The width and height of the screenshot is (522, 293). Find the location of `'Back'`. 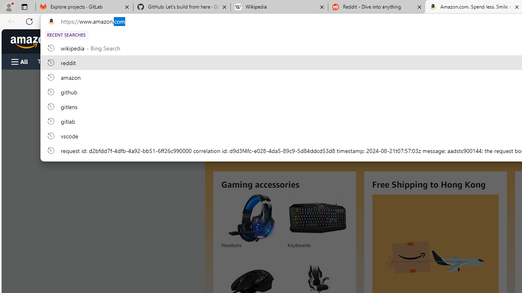

'Back' is located at coordinates (10, 21).